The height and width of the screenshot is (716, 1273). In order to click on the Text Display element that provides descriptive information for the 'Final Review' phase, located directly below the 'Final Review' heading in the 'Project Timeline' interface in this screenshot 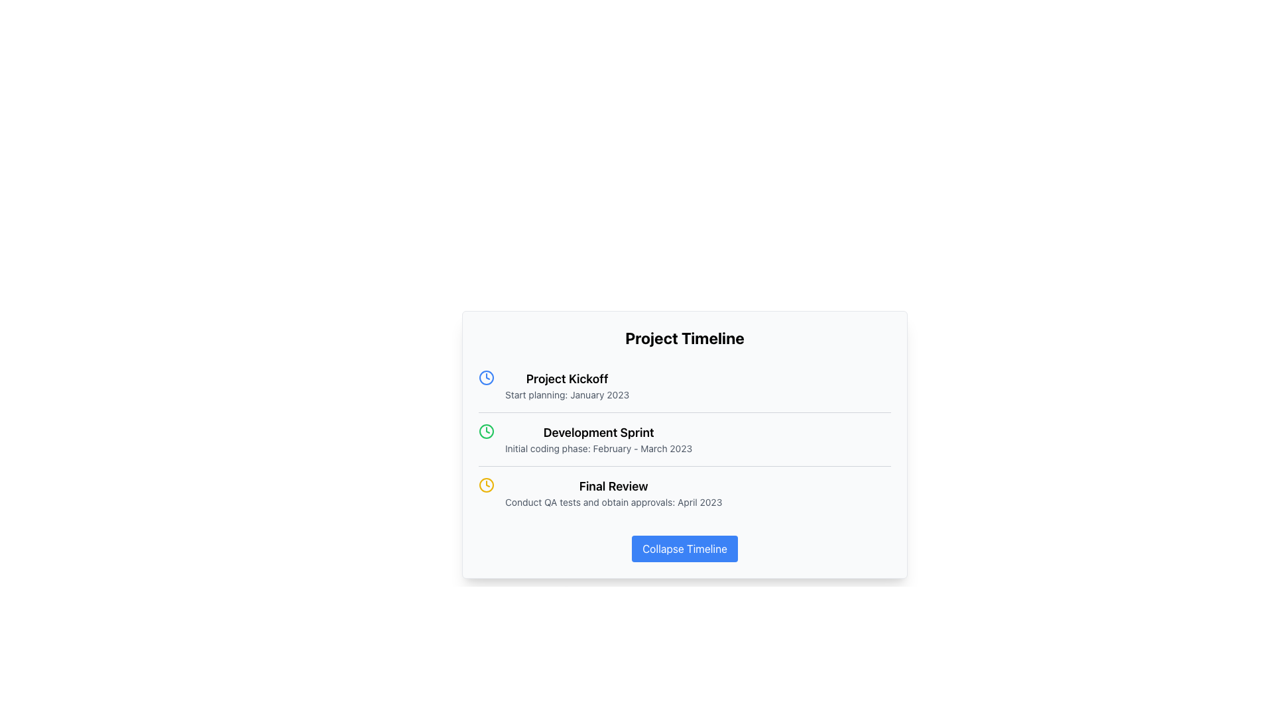, I will do `click(613, 503)`.